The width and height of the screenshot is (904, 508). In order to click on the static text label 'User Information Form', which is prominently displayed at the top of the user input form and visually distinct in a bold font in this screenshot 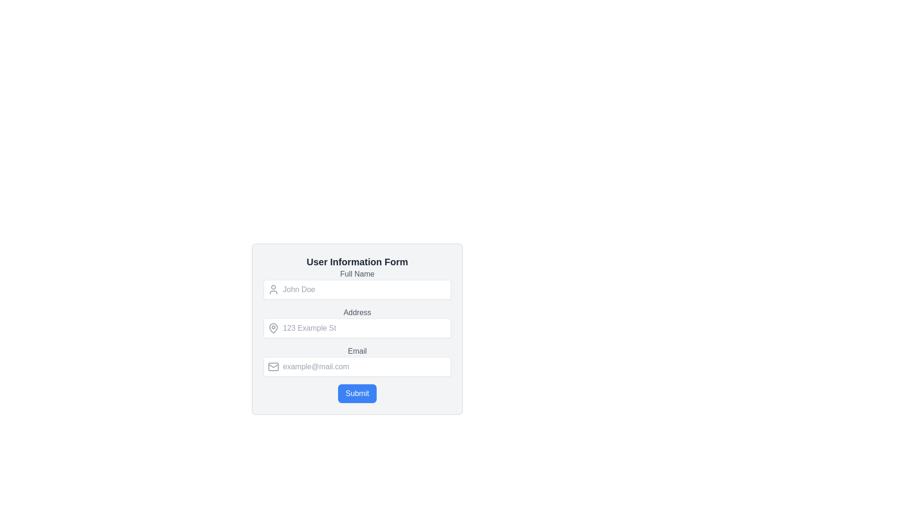, I will do `click(356, 262)`.